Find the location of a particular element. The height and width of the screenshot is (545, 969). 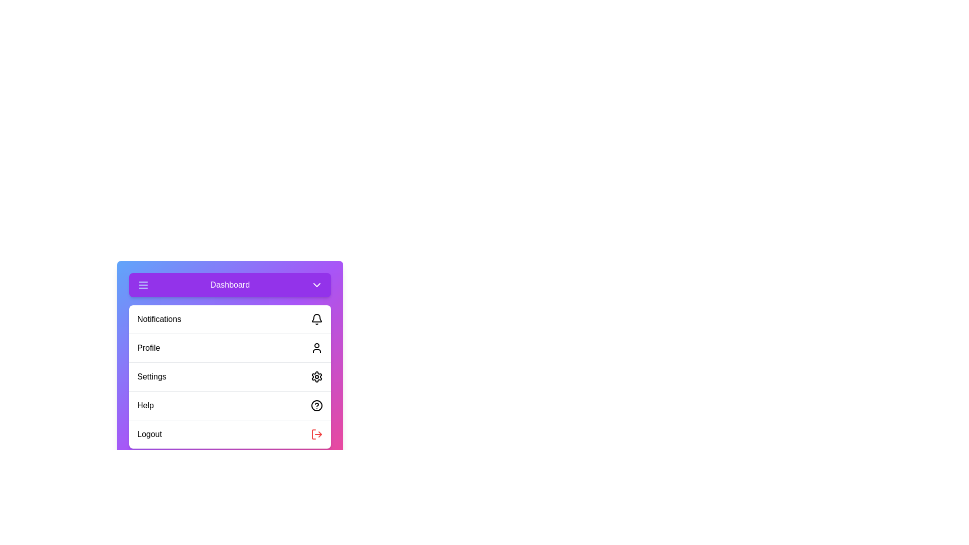

the menu item Notifications from the menu is located at coordinates (230, 319).